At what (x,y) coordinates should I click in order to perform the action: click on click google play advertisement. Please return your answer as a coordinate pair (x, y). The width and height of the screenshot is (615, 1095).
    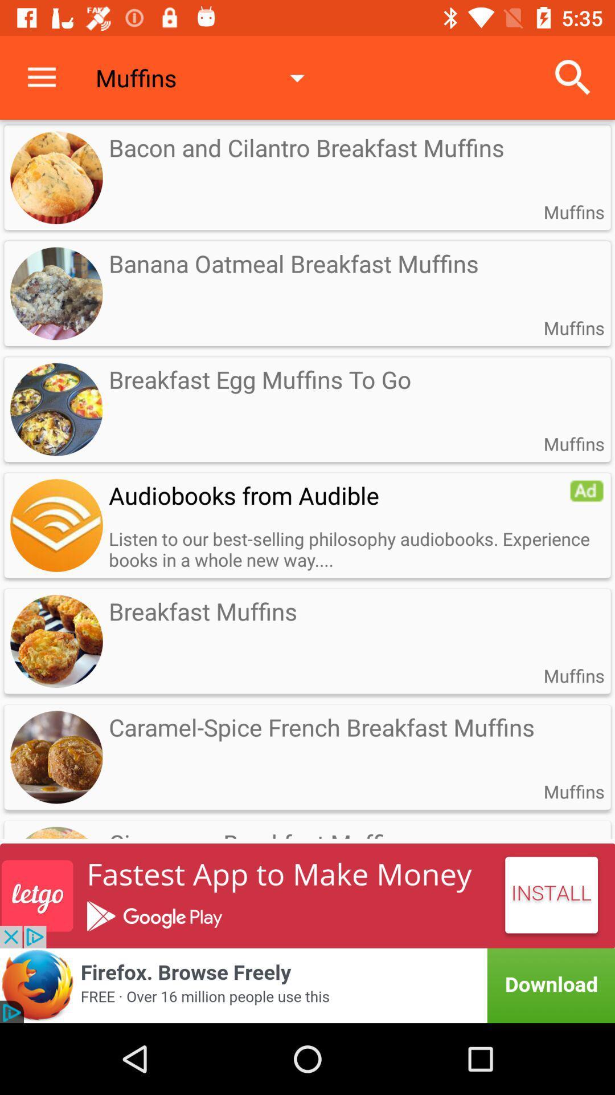
    Looking at the image, I should click on (307, 895).